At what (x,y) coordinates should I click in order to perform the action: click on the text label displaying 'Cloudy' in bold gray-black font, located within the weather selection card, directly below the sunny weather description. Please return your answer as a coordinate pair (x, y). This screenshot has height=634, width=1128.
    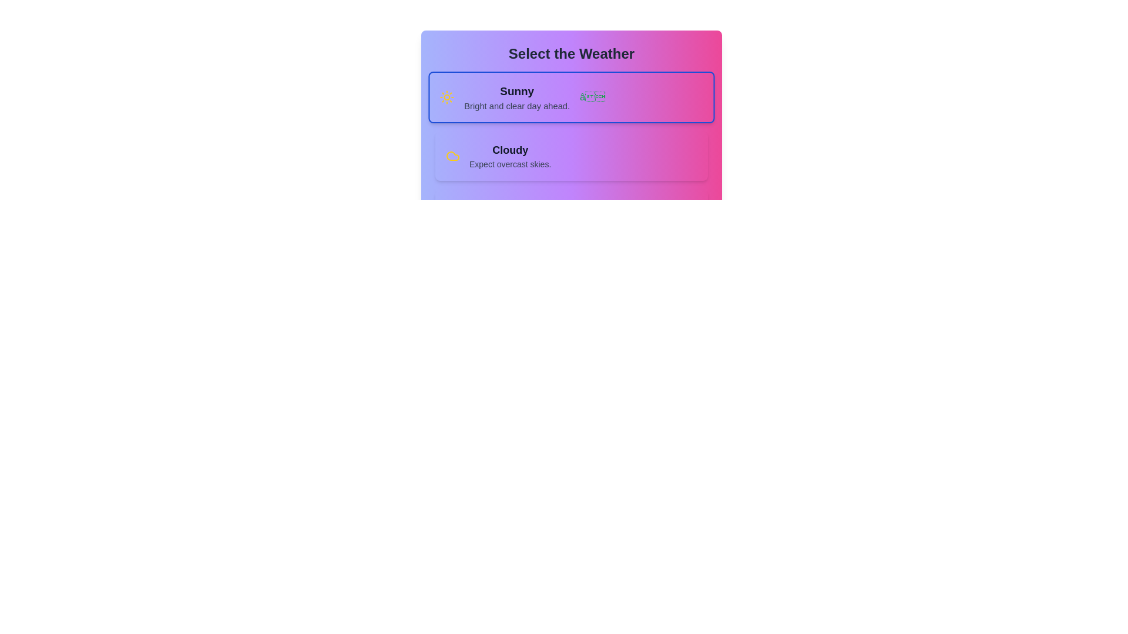
    Looking at the image, I should click on (510, 149).